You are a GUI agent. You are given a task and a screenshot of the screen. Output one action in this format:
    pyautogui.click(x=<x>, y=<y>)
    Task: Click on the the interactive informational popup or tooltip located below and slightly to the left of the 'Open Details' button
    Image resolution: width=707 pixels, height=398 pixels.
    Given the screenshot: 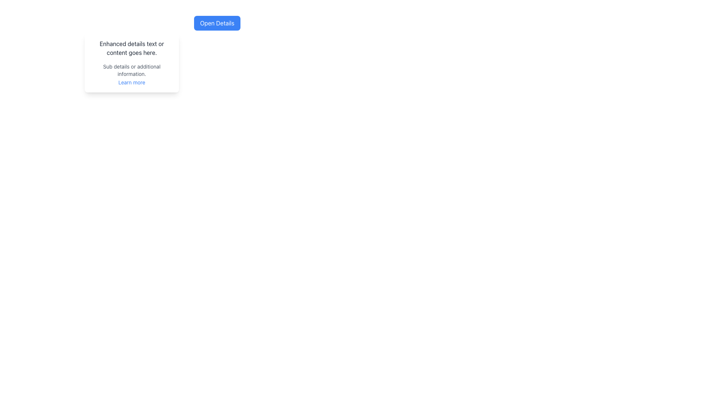 What is the action you would take?
    pyautogui.click(x=132, y=62)
    